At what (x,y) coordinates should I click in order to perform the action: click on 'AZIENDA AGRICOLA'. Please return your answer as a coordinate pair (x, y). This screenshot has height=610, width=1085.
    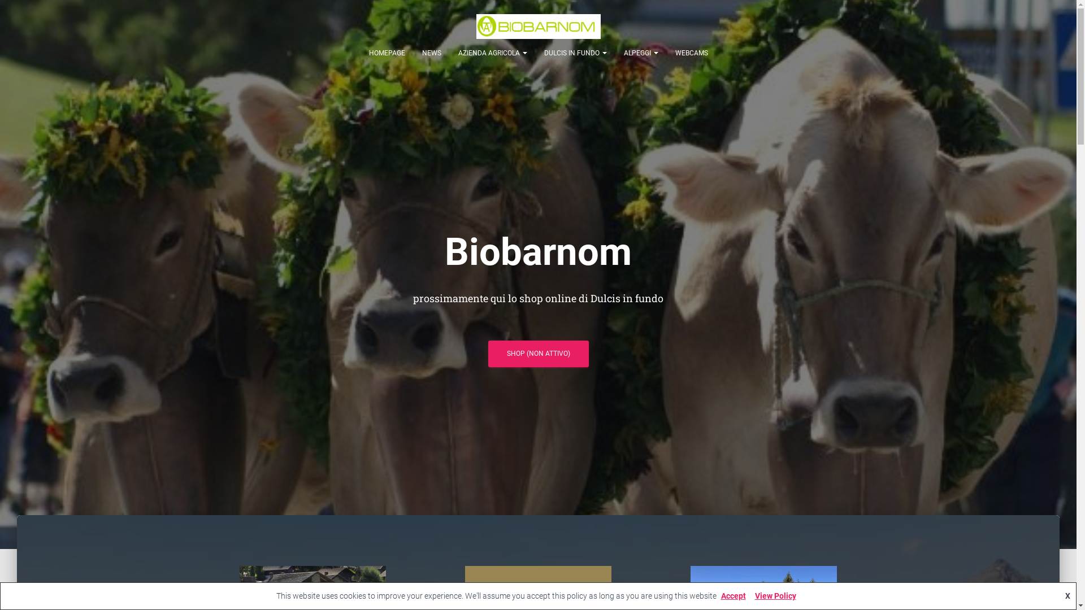
    Looking at the image, I should click on (493, 53).